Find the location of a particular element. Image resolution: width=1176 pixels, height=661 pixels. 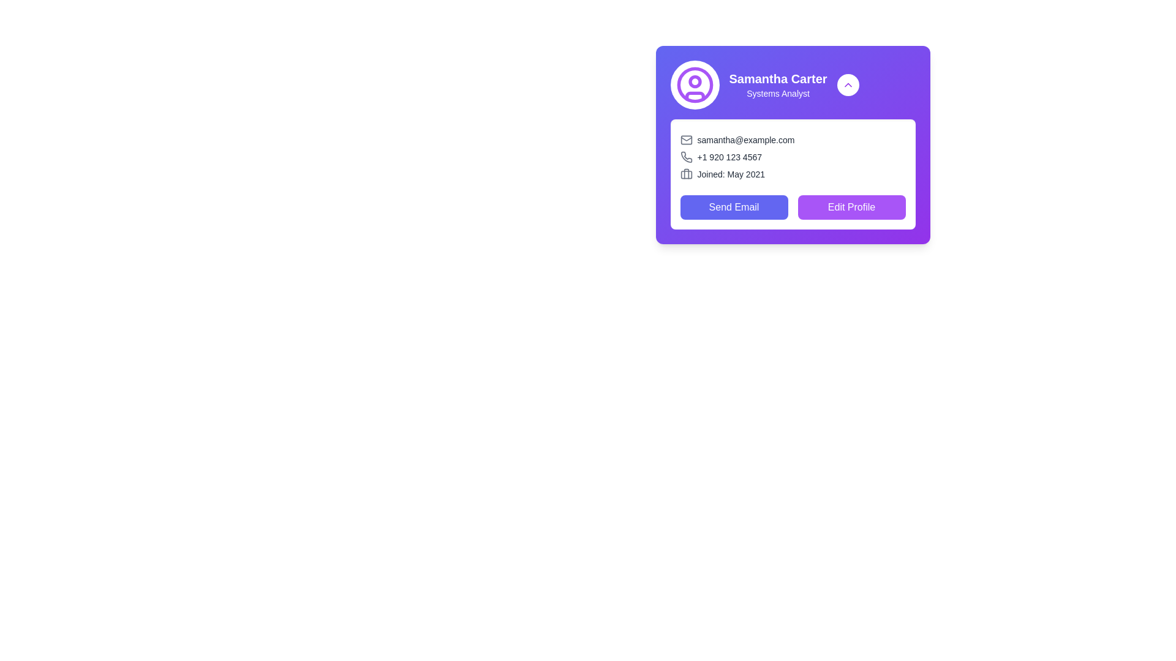

the vertical line with rounded ends that is part of the briefcase icon, located within the user profile card is located at coordinates (686, 174).